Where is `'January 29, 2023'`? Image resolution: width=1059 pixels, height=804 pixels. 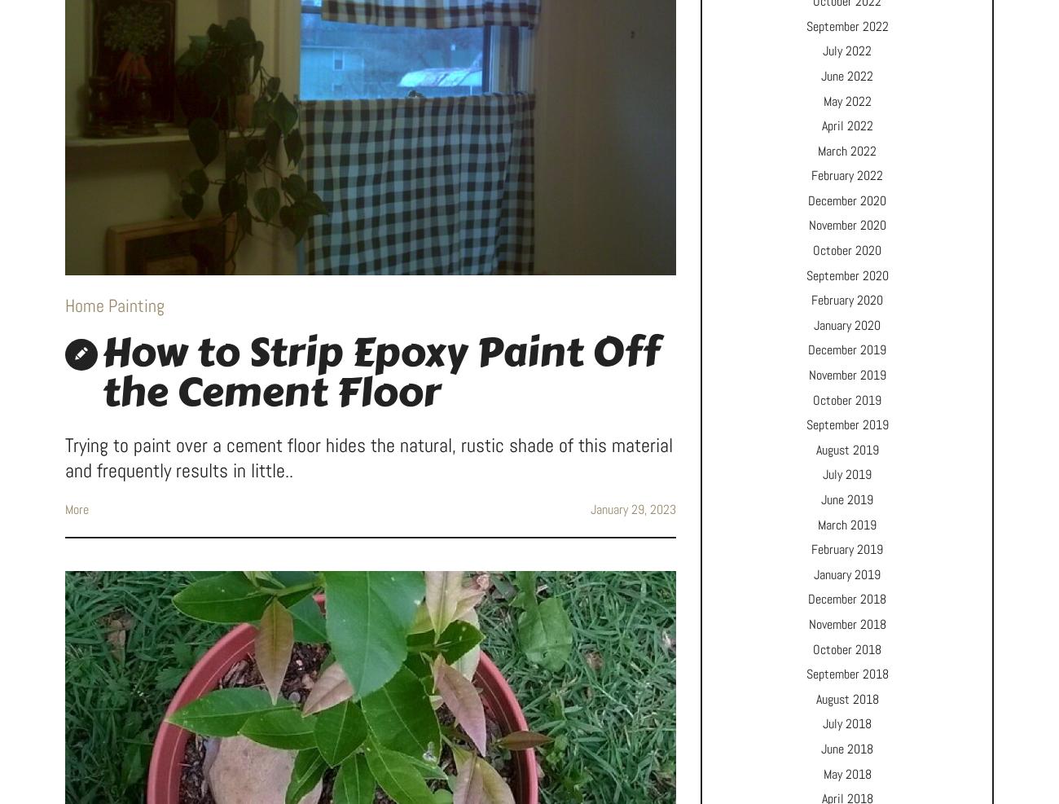
'January 29, 2023' is located at coordinates (591, 508).